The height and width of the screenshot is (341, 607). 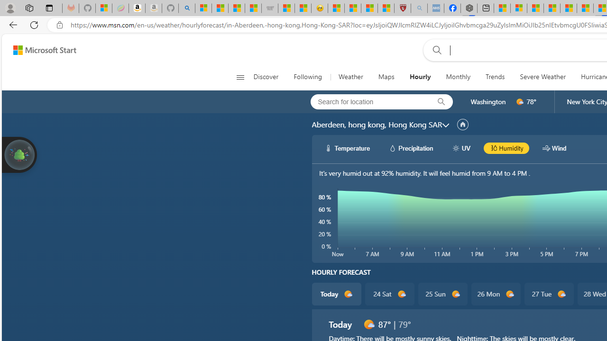 What do you see at coordinates (495, 77) in the screenshot?
I see `'Trends'` at bounding box center [495, 77].